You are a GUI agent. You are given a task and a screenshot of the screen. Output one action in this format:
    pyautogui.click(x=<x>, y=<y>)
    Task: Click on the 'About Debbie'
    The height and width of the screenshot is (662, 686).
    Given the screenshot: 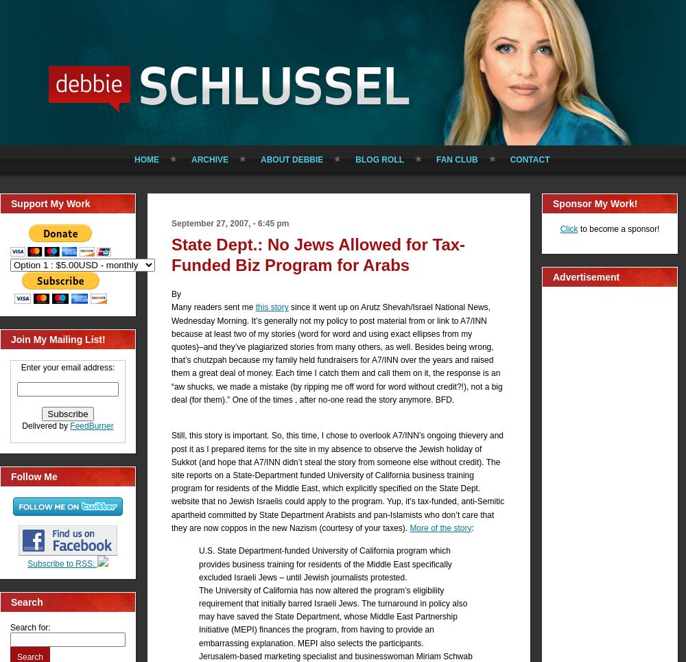 What is the action you would take?
    pyautogui.click(x=261, y=159)
    